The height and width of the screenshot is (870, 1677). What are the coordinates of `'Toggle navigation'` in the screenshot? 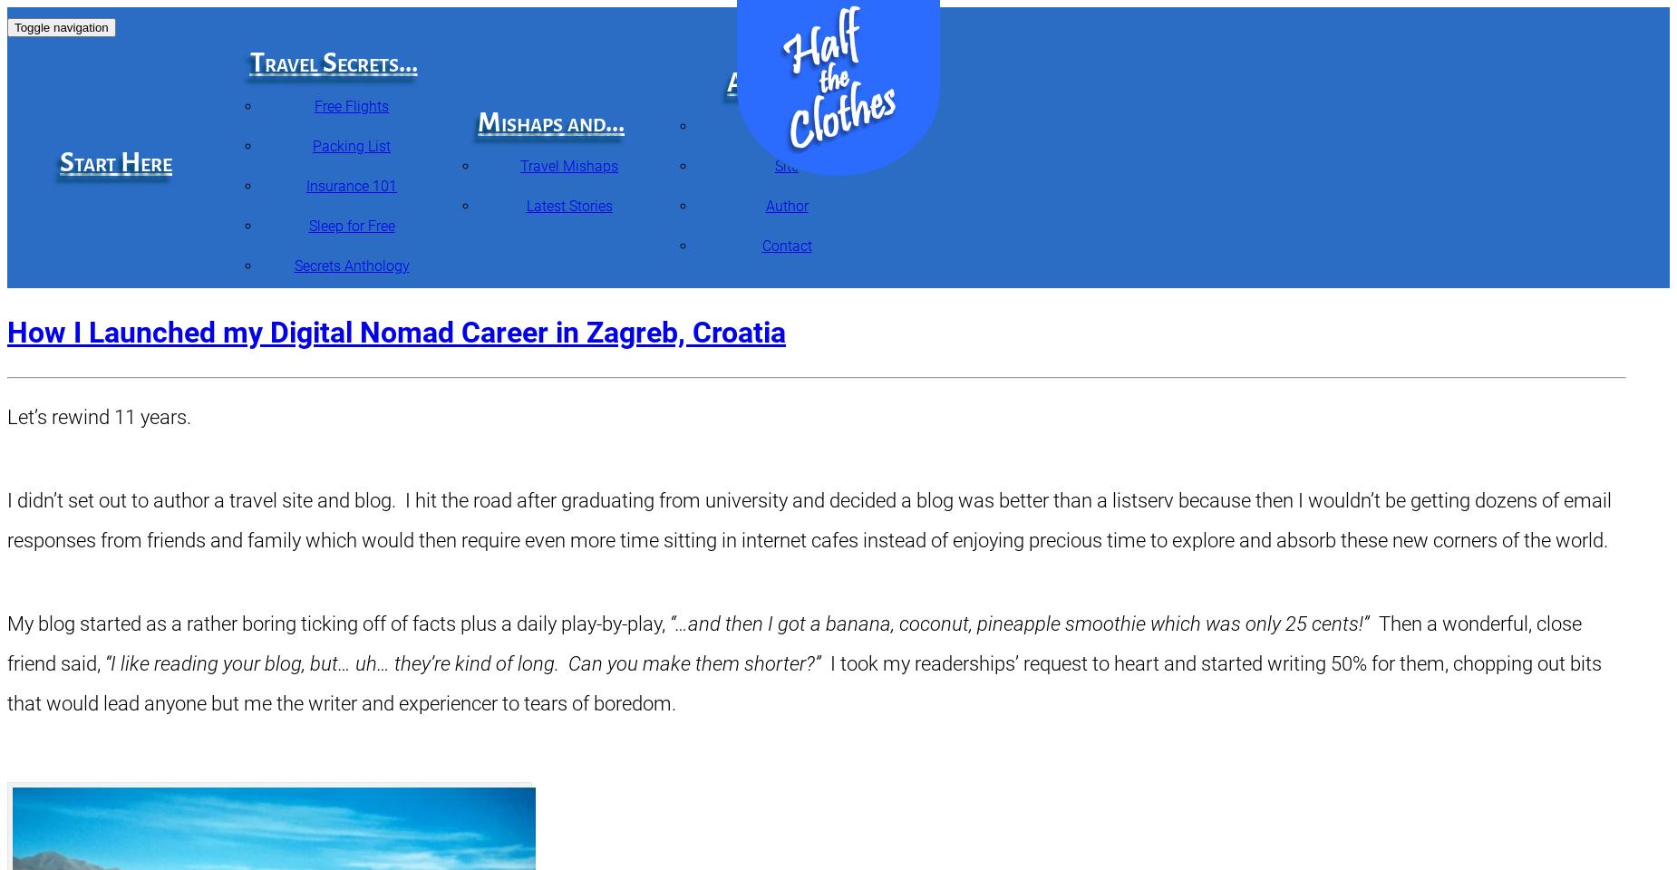 It's located at (60, 26).